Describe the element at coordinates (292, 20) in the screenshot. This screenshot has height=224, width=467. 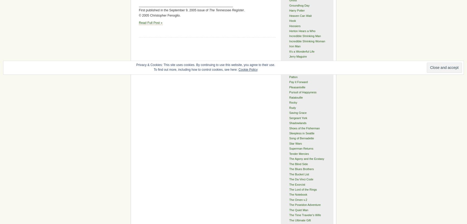
I see `'Hook'` at that location.